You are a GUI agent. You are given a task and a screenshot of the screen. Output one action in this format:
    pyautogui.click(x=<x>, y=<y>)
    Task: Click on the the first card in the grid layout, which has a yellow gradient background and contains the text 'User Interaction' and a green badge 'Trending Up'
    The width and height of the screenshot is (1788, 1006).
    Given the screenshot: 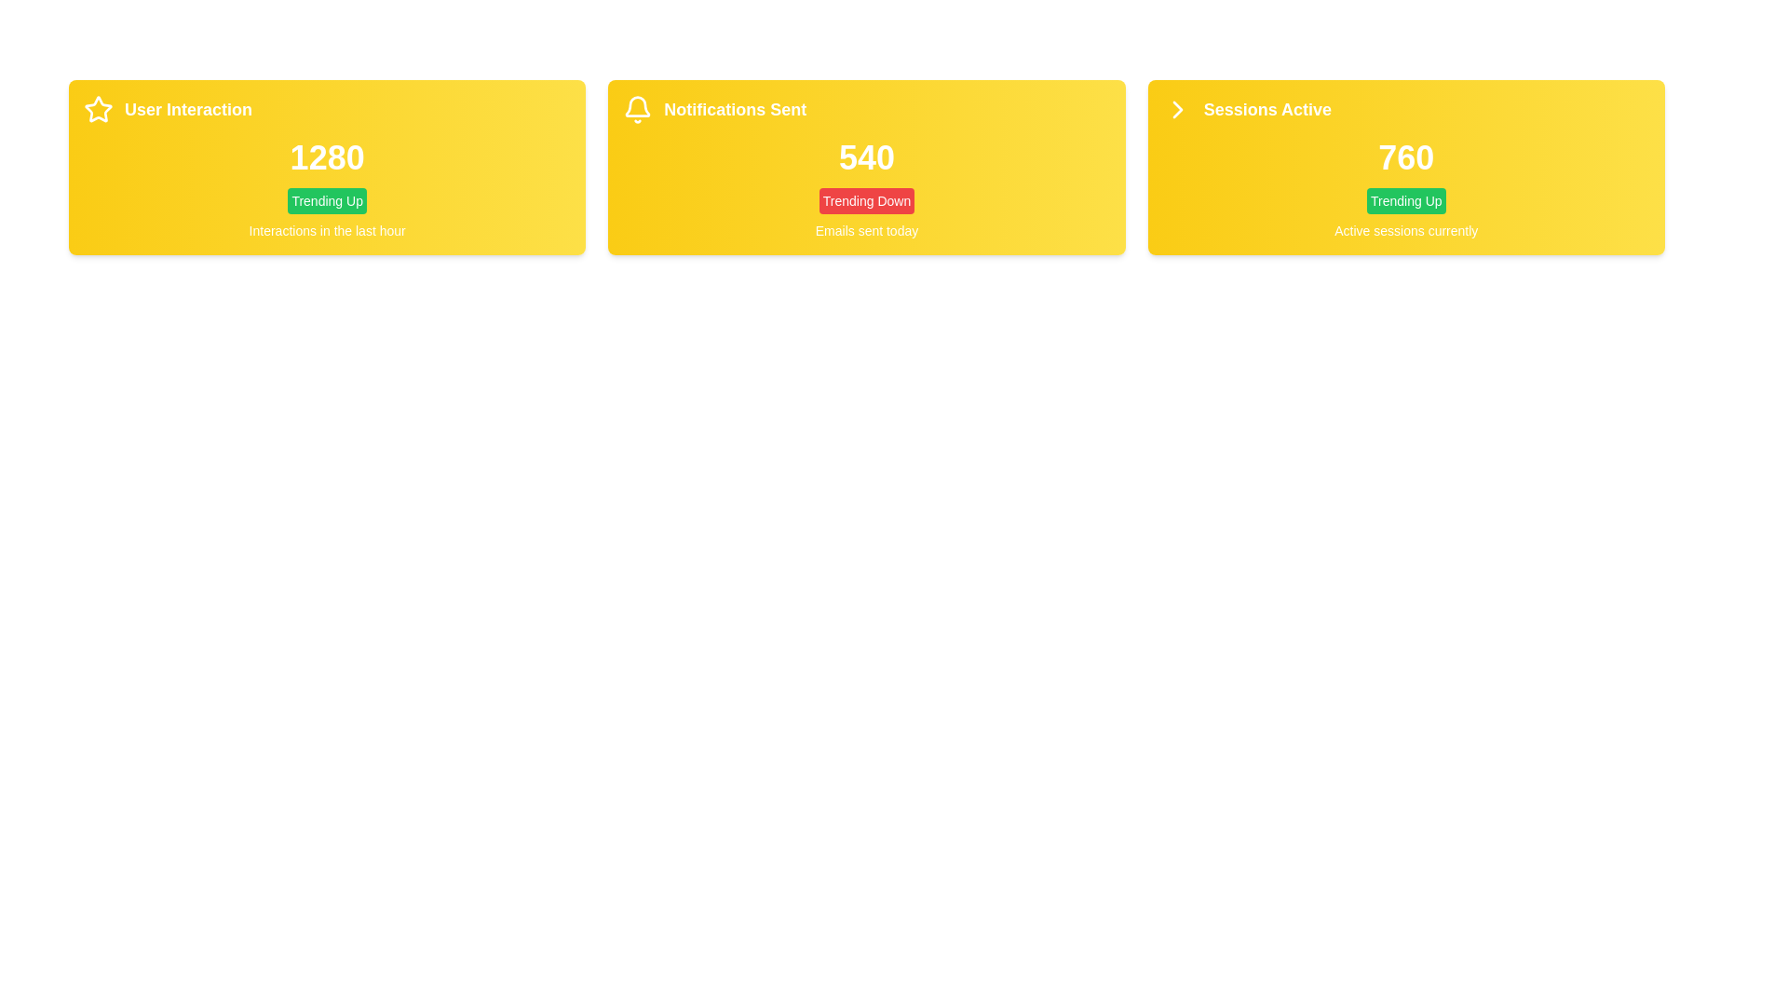 What is the action you would take?
    pyautogui.click(x=327, y=168)
    